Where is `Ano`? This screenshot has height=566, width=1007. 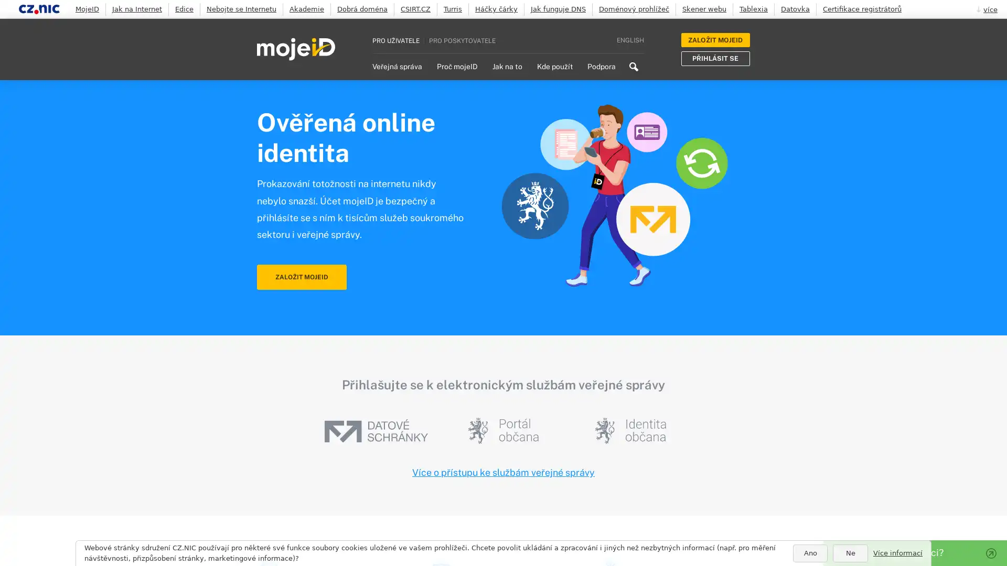
Ano is located at coordinates (809, 553).